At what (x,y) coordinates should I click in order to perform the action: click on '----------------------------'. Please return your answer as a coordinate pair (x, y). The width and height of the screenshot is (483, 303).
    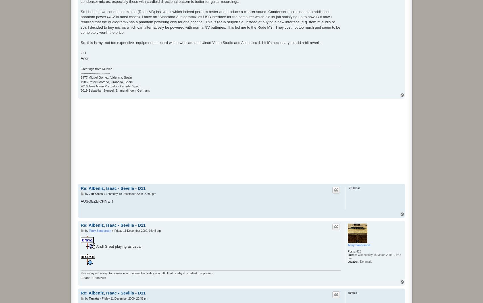
    Looking at the image, I should click on (95, 73).